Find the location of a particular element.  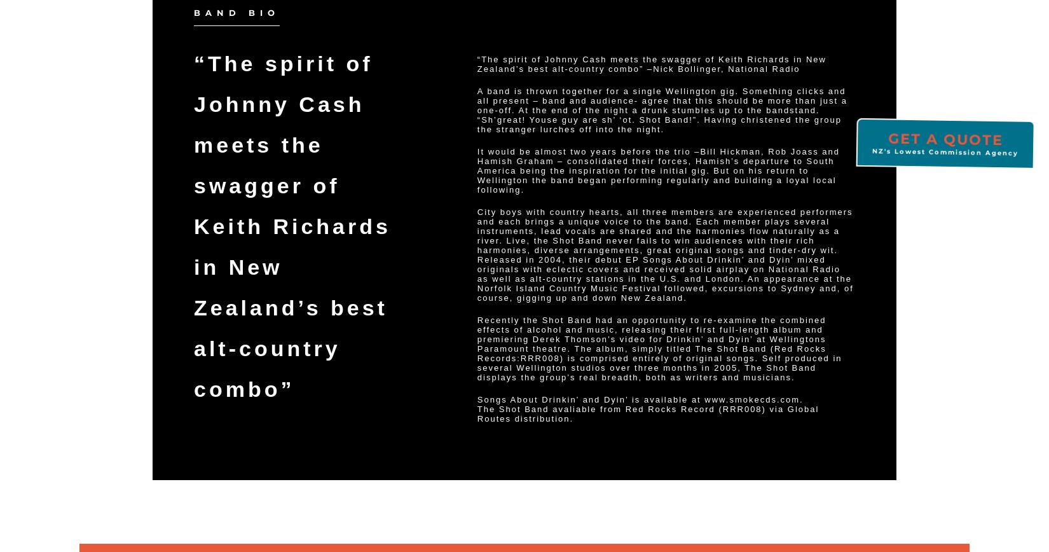

'NZ's Lowest Commission Agency' is located at coordinates (946, 152).